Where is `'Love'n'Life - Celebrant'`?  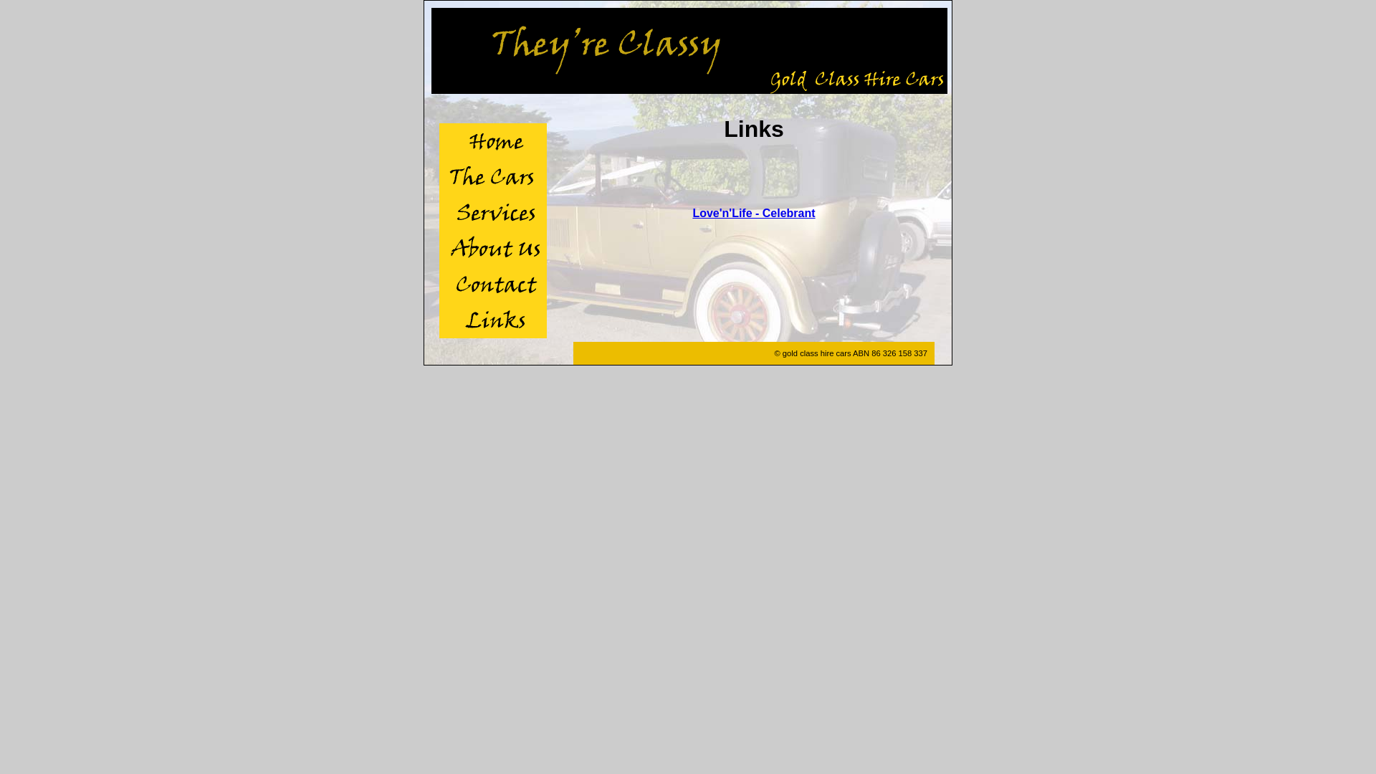 'Love'n'Life - Celebrant' is located at coordinates (692, 213).